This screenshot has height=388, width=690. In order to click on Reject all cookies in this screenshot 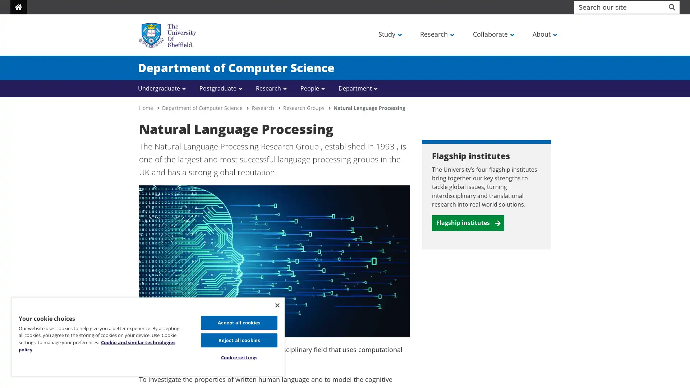, I will do `click(239, 339)`.